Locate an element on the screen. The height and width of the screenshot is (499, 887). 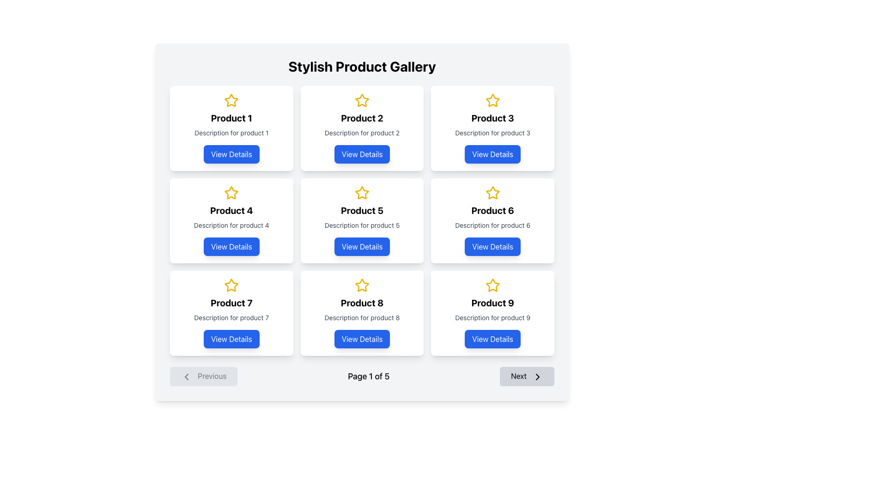
bold text label displaying 'Product 7' located in the middle row, leftmost column of the grid layout, positioned below a yellow star icon and above a smaller descriptive text is located at coordinates (231, 303).